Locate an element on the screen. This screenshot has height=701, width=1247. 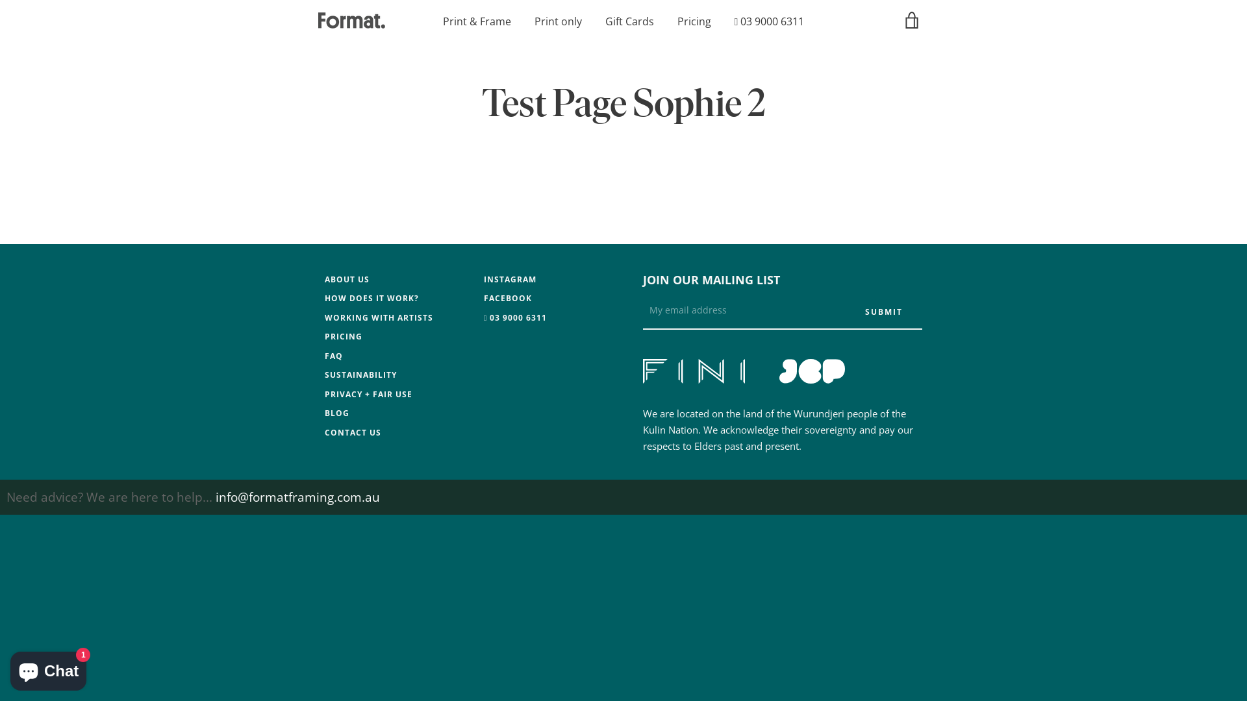
'Print only' is located at coordinates (534, 21).